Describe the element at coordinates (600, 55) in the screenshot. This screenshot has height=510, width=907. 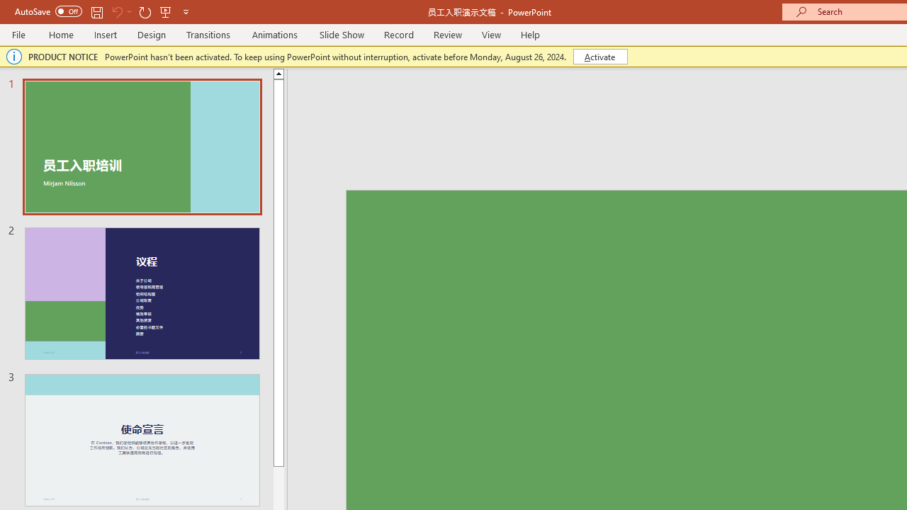
I see `'Activate'` at that location.